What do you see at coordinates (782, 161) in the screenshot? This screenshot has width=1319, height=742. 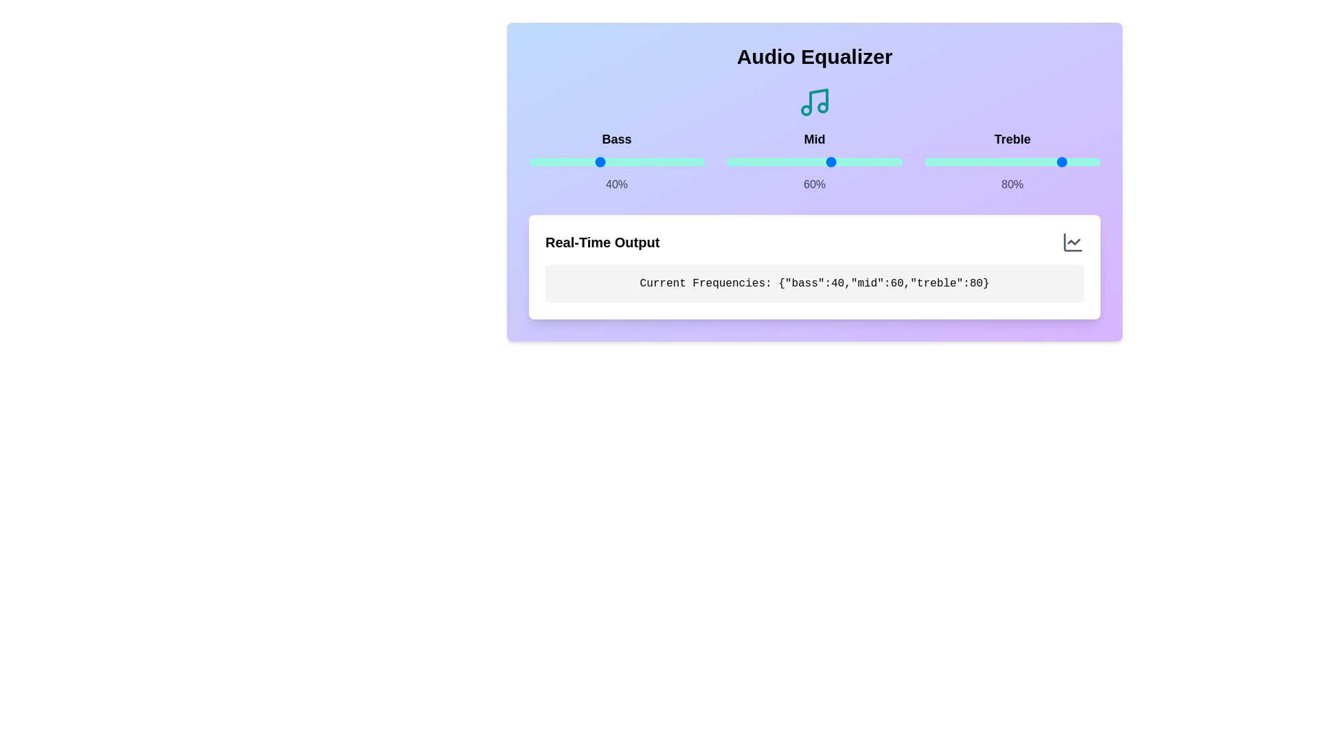 I see `the 'Mid' frequency level` at bounding box center [782, 161].